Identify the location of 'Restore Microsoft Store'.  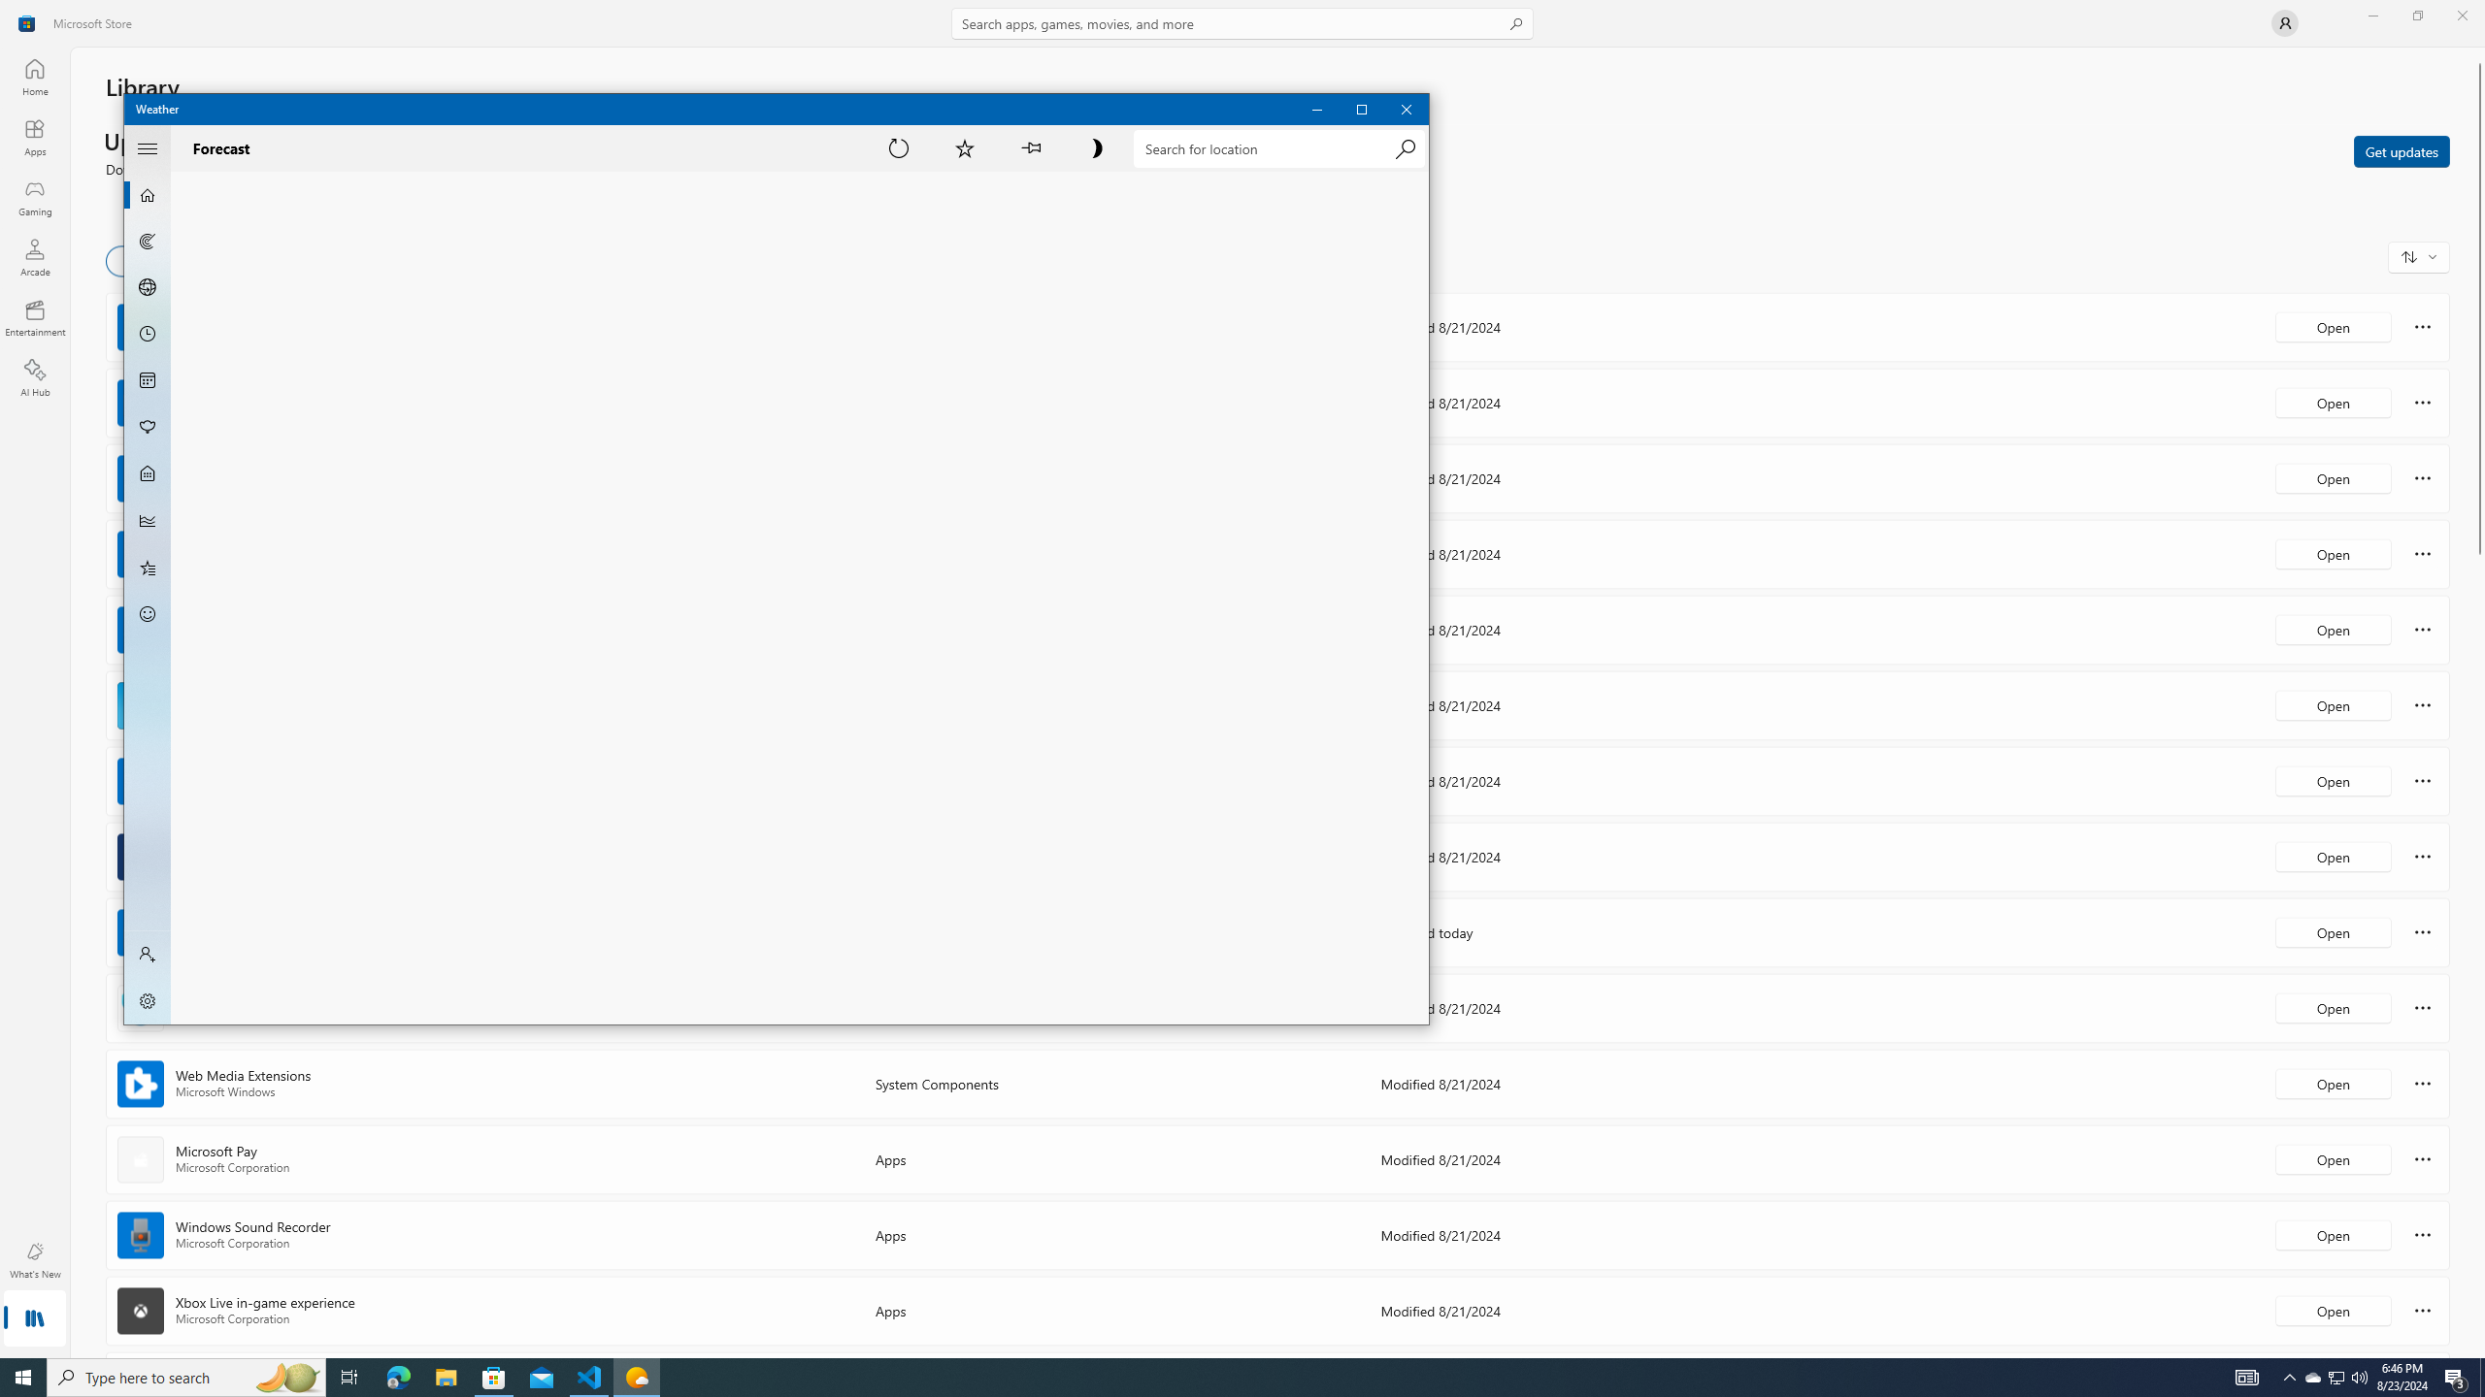
(2417, 15).